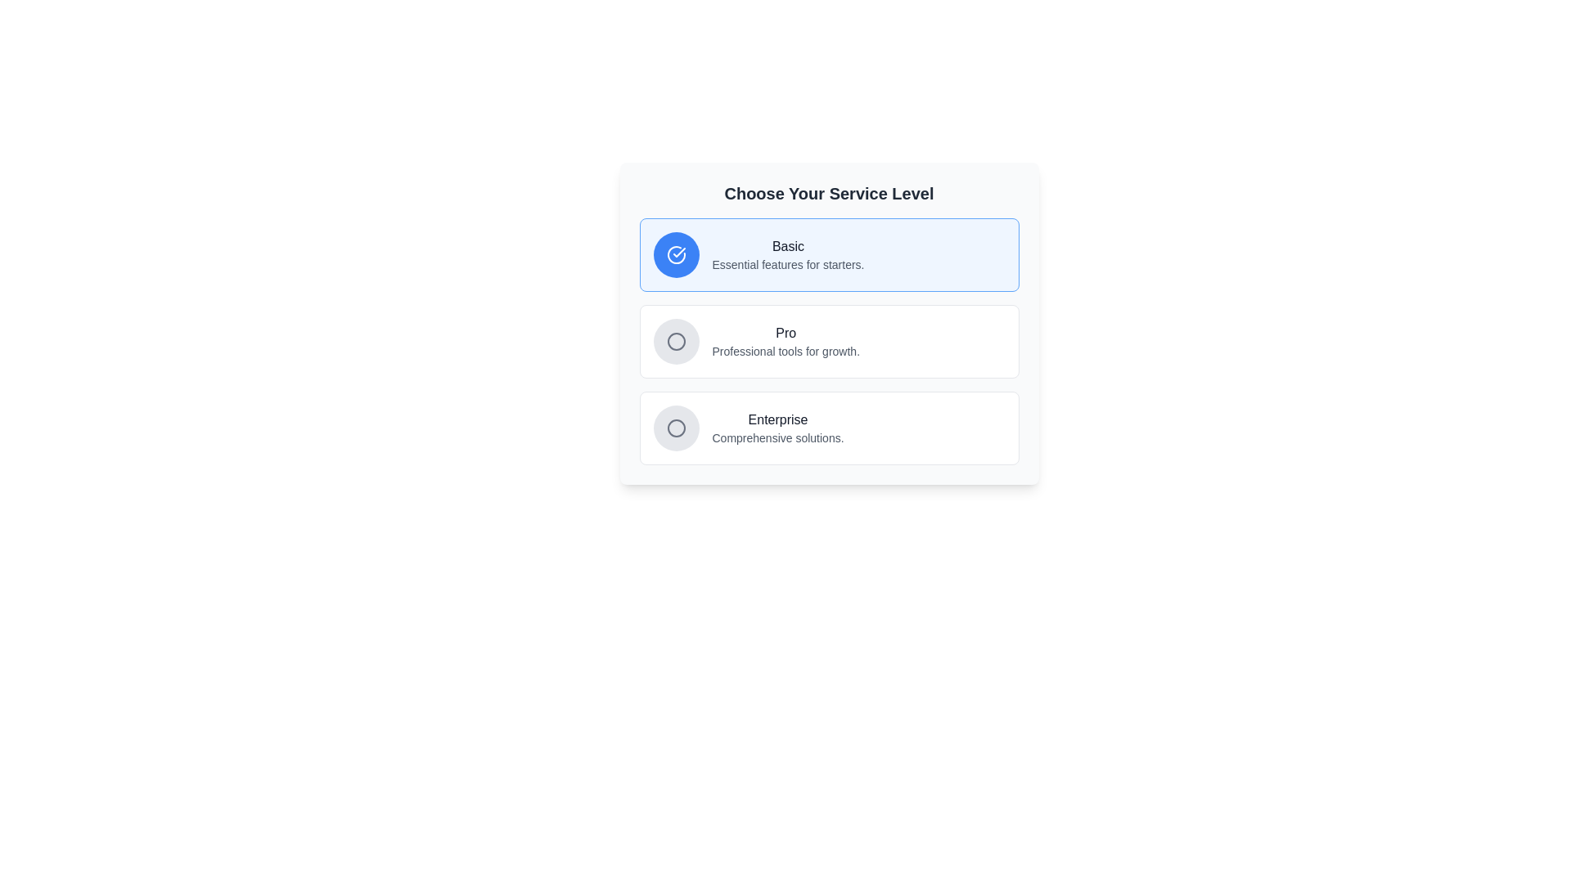 This screenshot has width=1571, height=883. Describe the element at coordinates (788, 255) in the screenshot. I see `the text element titled 'Basic' within the selectable card that features a blue background, indicating selection and displaying the subtitle 'Essential features for starters.'` at that location.